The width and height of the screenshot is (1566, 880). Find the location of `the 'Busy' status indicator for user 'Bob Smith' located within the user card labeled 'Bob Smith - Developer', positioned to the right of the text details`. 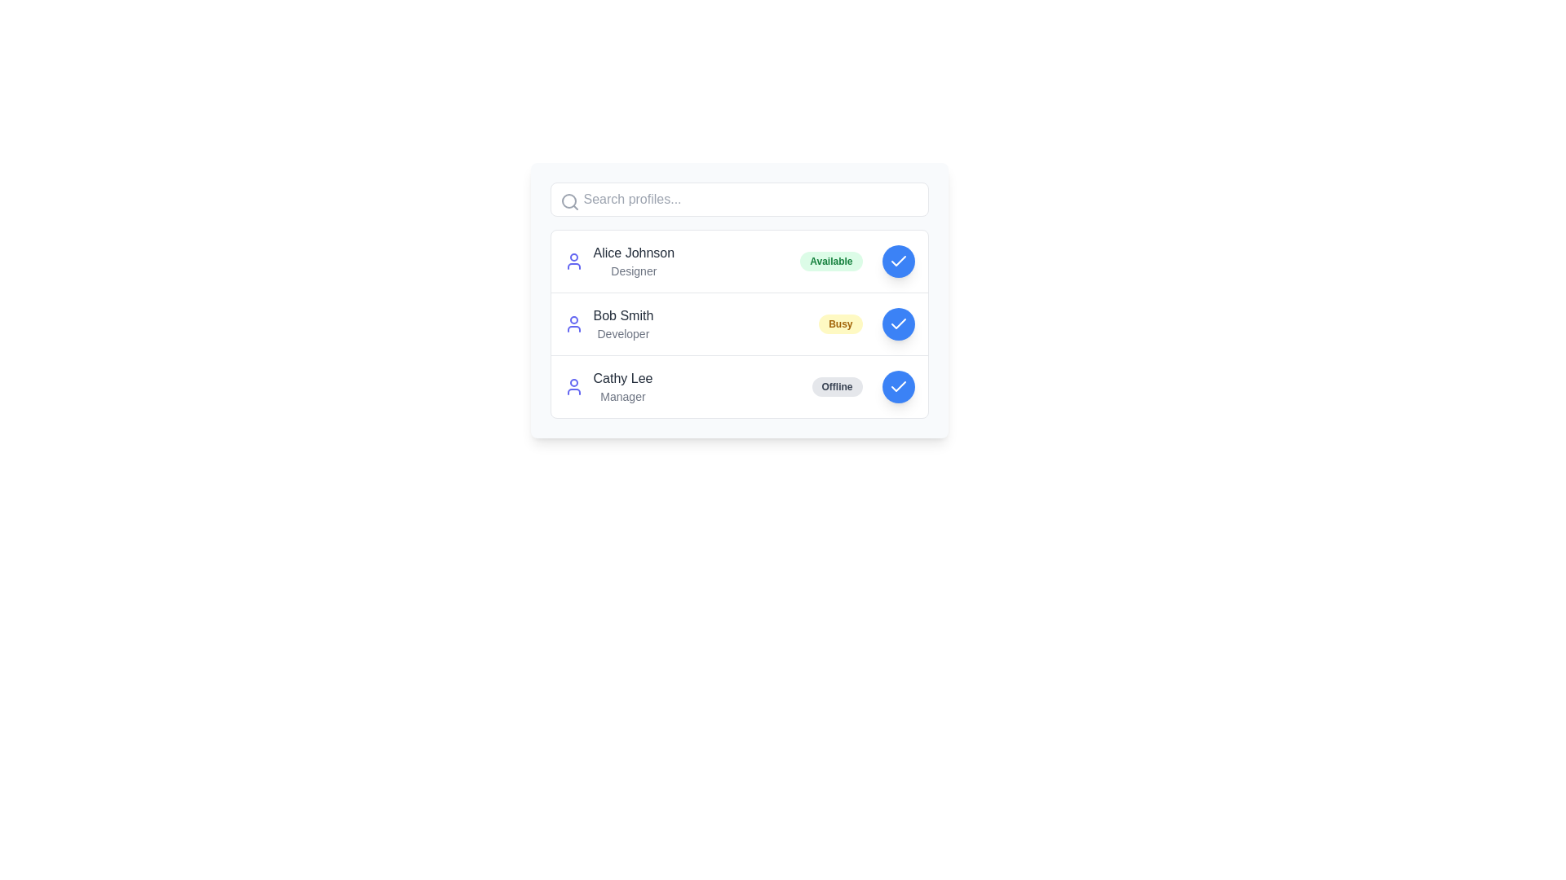

the 'Busy' status indicator for user 'Bob Smith' located within the user card labeled 'Bob Smith - Developer', positioned to the right of the text details is located at coordinates (840, 323).